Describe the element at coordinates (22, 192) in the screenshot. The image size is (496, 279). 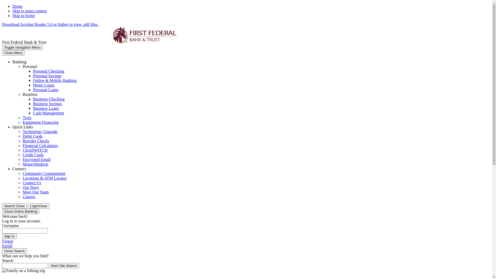
I see `'Meet Our Team'` at that location.